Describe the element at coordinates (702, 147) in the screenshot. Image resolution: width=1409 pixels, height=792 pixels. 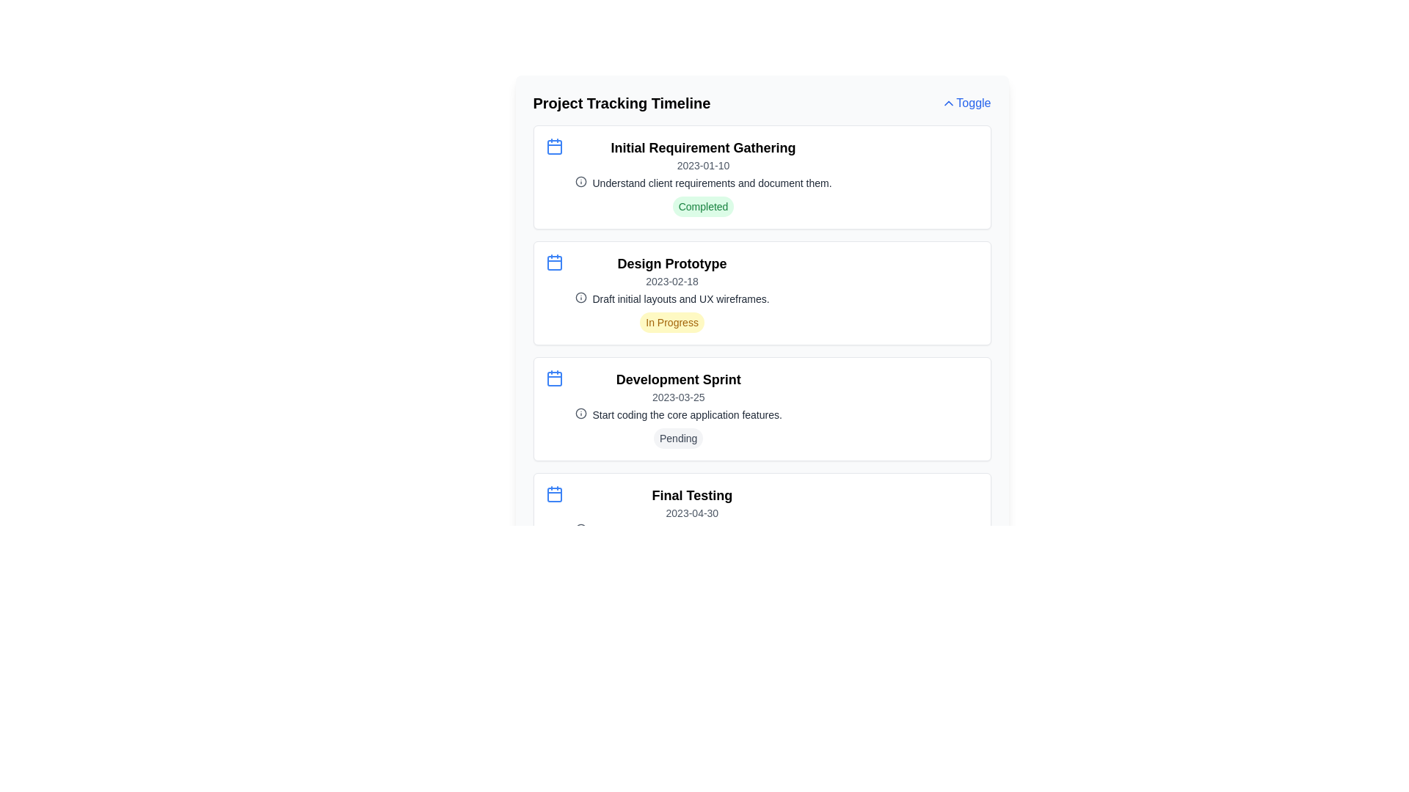
I see `the Text label that serves as the title for the task in the 'Initial Requirement Gathering' section, located above the date '2023-01-10' and below the calendar icon` at that location.